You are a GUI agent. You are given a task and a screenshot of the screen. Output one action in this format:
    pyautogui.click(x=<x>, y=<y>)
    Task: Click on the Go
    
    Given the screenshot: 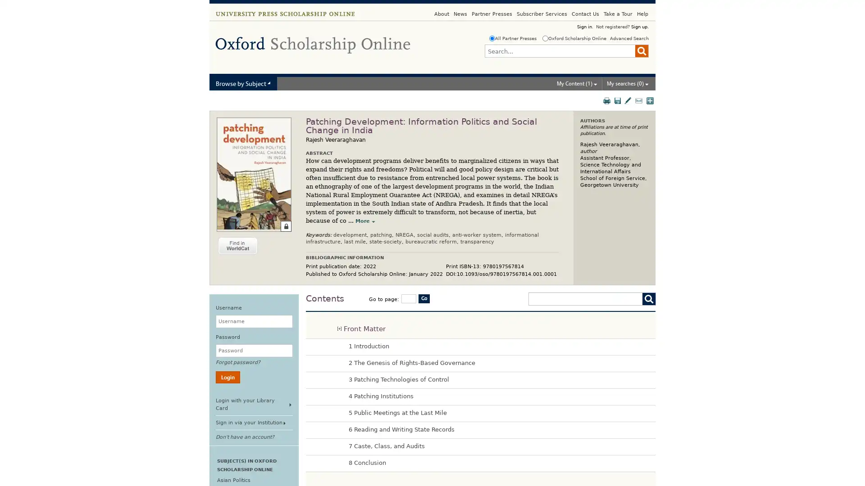 What is the action you would take?
    pyautogui.click(x=423, y=298)
    